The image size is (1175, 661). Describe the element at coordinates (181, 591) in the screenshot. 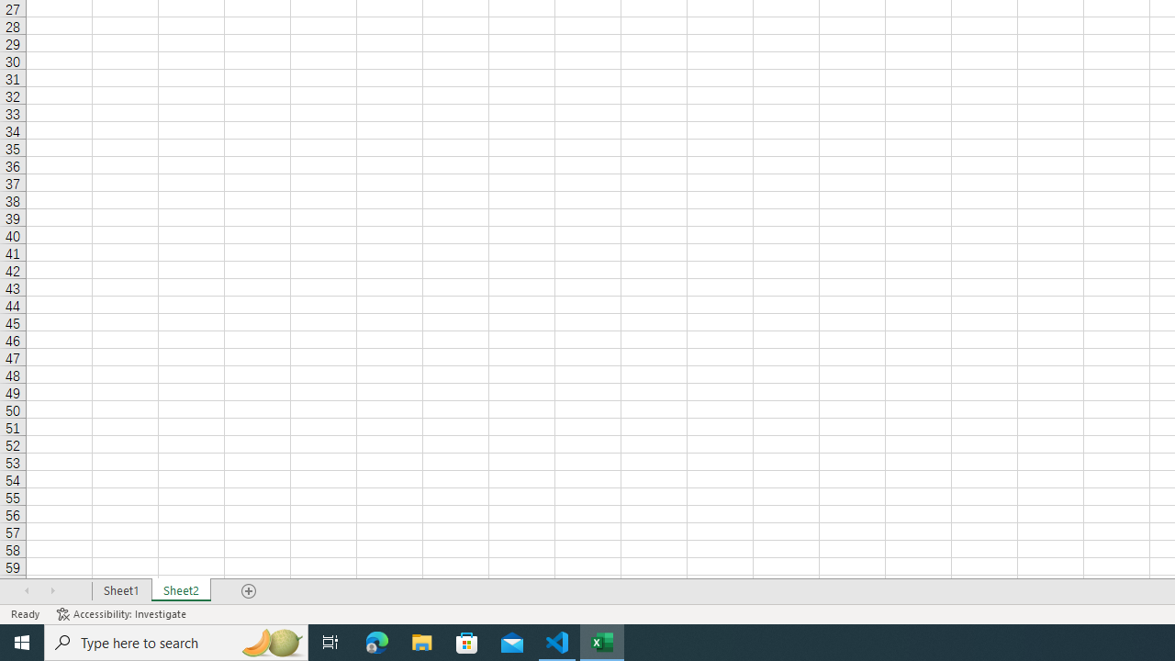

I see `'Sheet2'` at that location.